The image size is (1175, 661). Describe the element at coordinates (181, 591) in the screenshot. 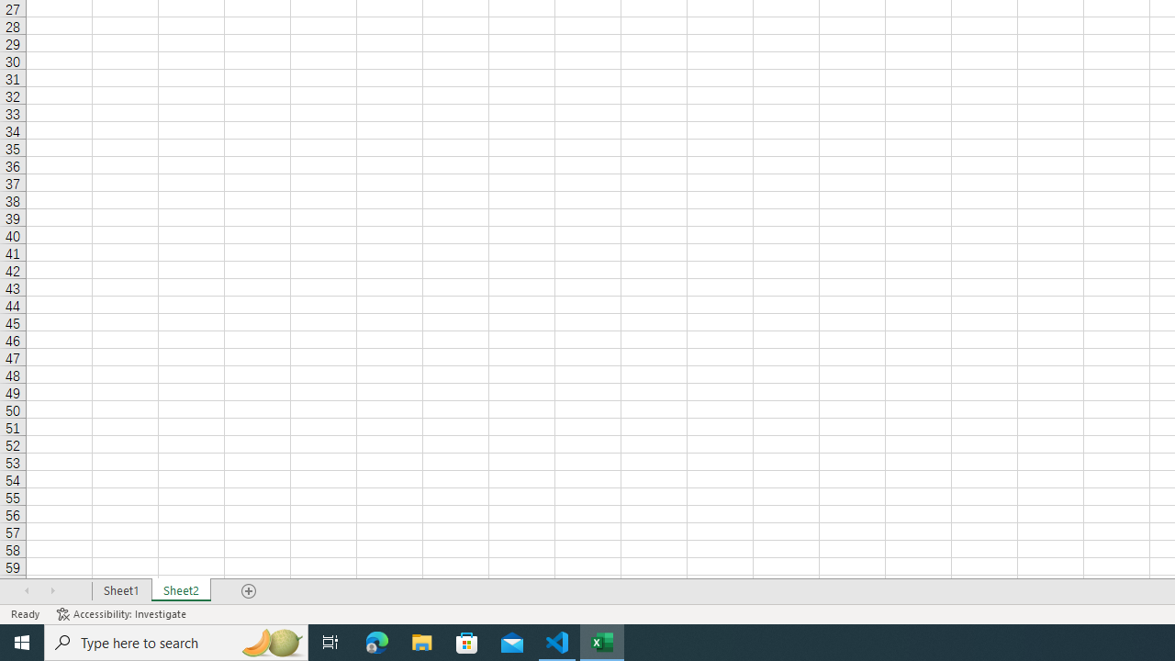

I see `'Sheet2'` at that location.